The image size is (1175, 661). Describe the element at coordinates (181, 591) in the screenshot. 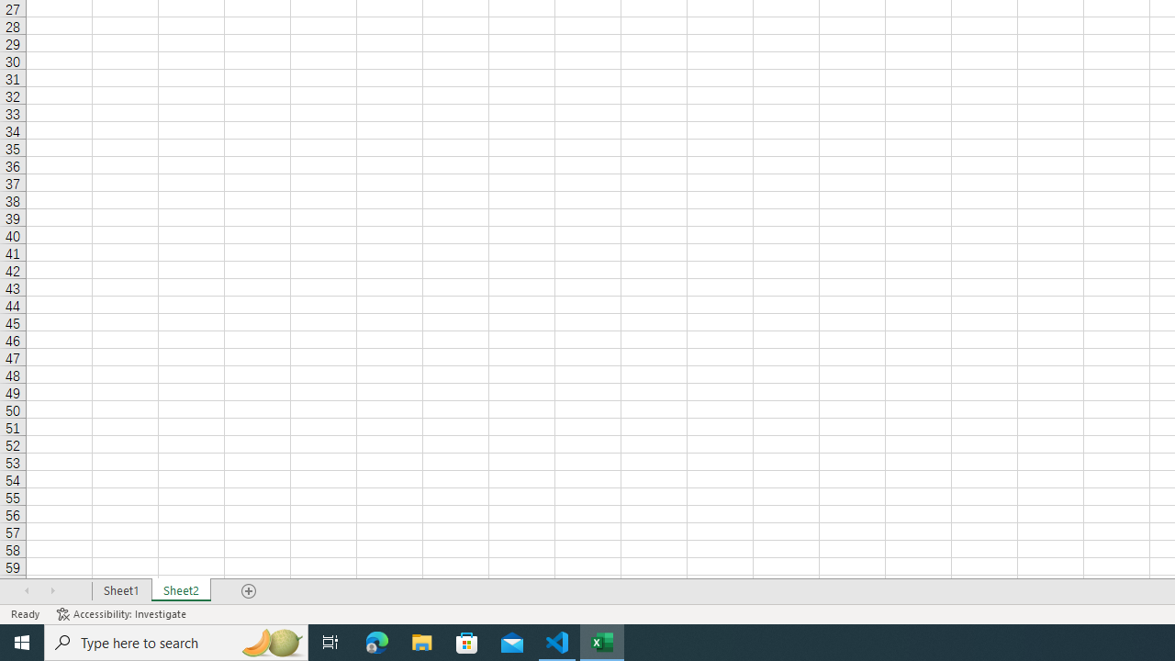

I see `'Sheet2'` at that location.